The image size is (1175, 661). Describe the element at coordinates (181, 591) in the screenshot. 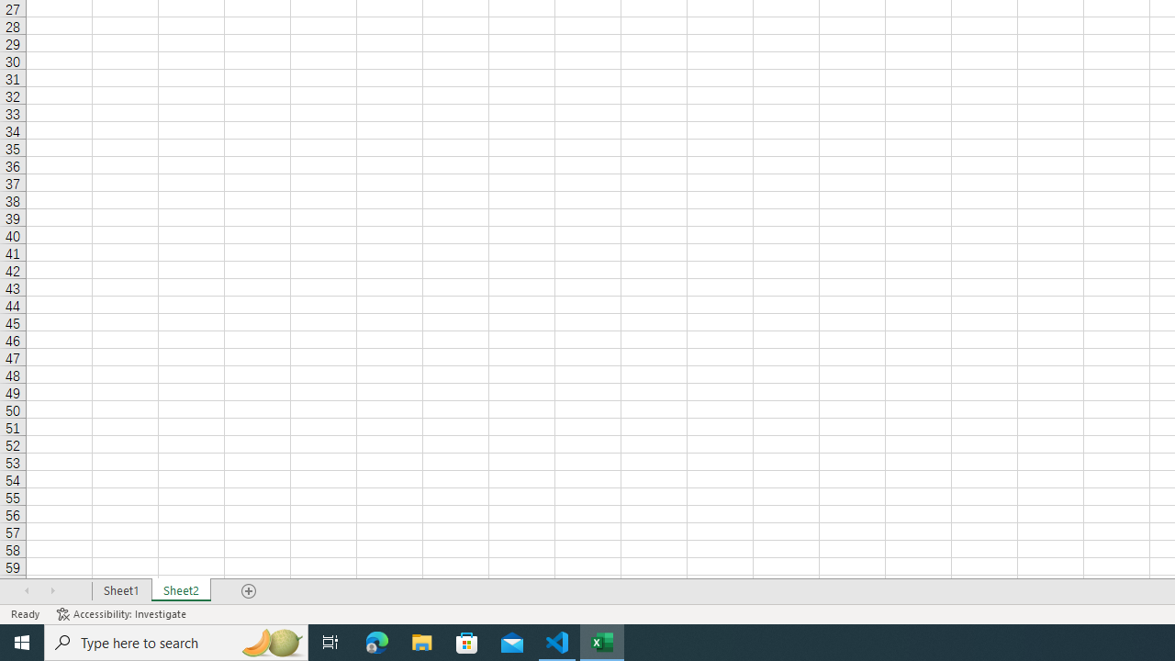

I see `'Sheet2'` at that location.